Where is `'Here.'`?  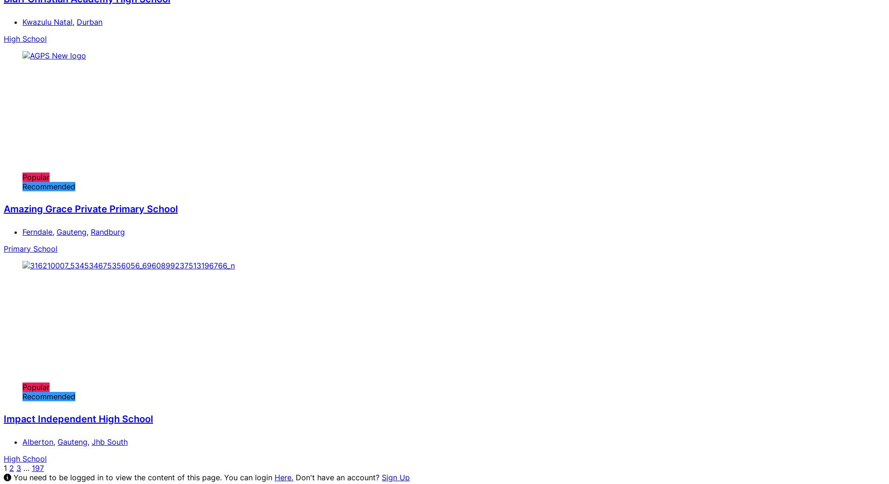
'Here.' is located at coordinates (284, 476).